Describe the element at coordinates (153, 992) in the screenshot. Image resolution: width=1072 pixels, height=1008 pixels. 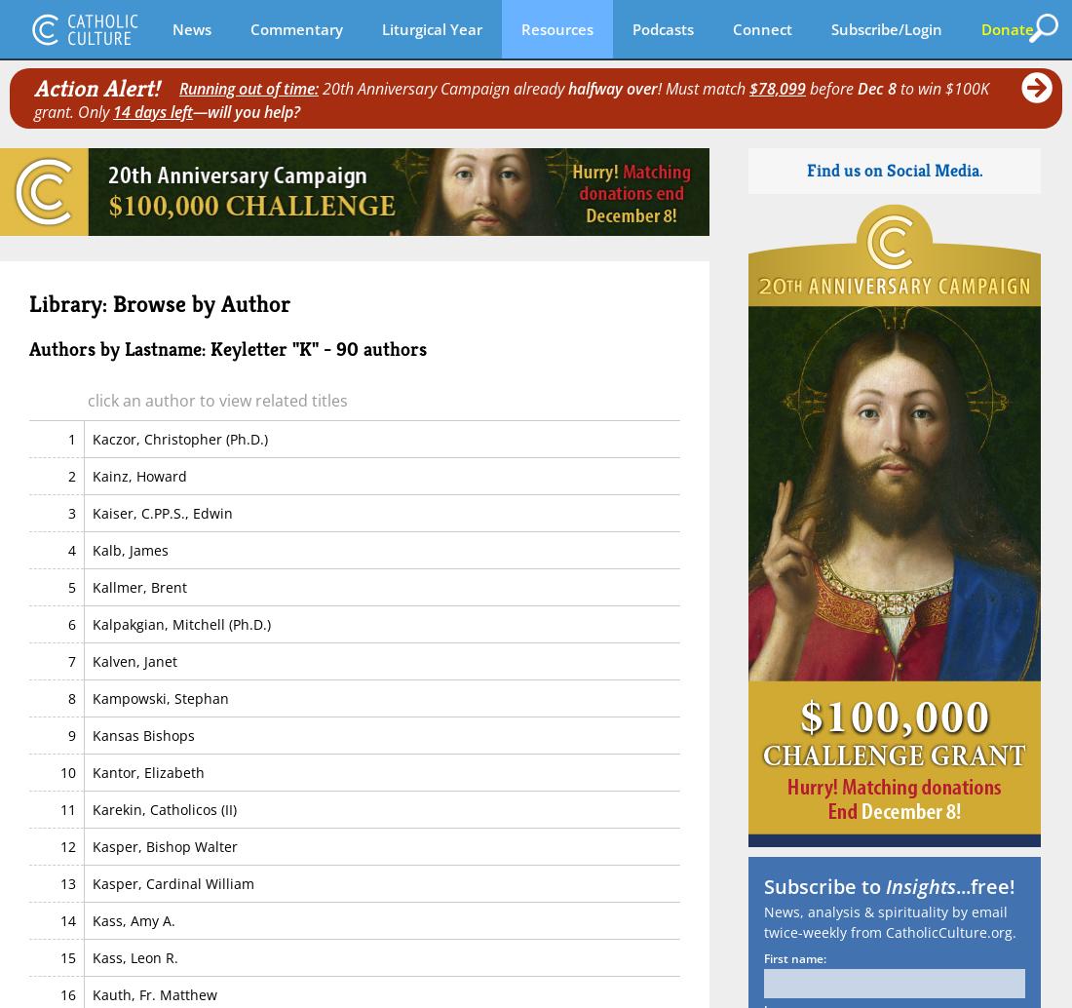
I see `'Kauth, Fr. Matthew'` at that location.